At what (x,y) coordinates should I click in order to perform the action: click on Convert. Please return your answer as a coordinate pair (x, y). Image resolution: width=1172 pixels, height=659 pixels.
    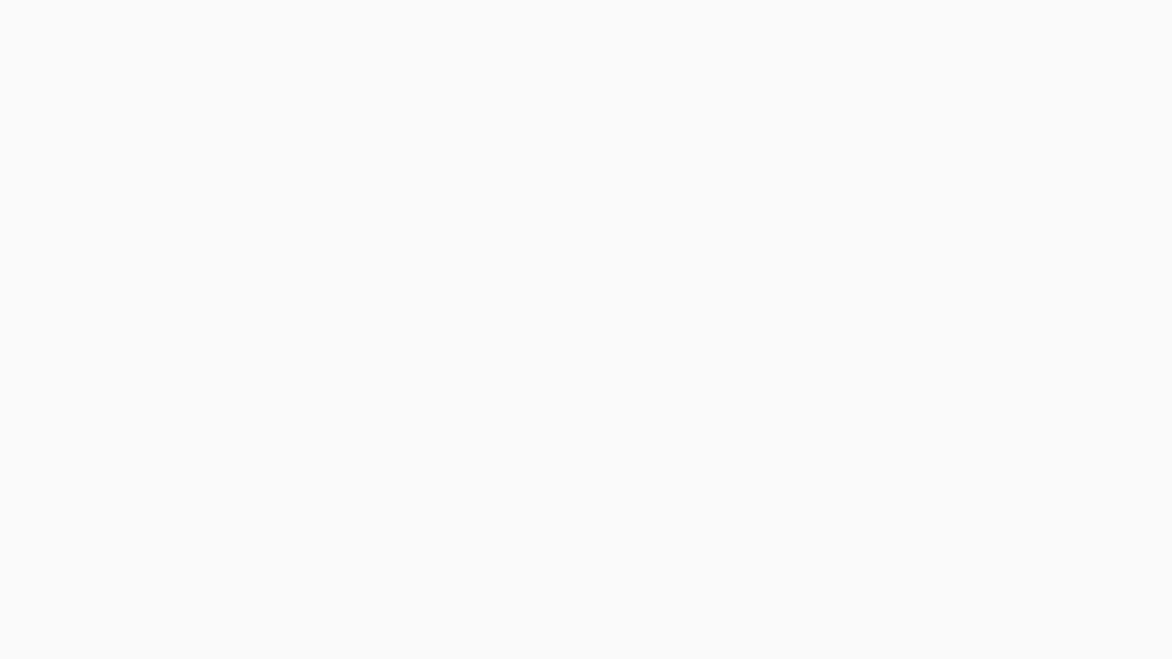
    Looking at the image, I should click on (103, 133).